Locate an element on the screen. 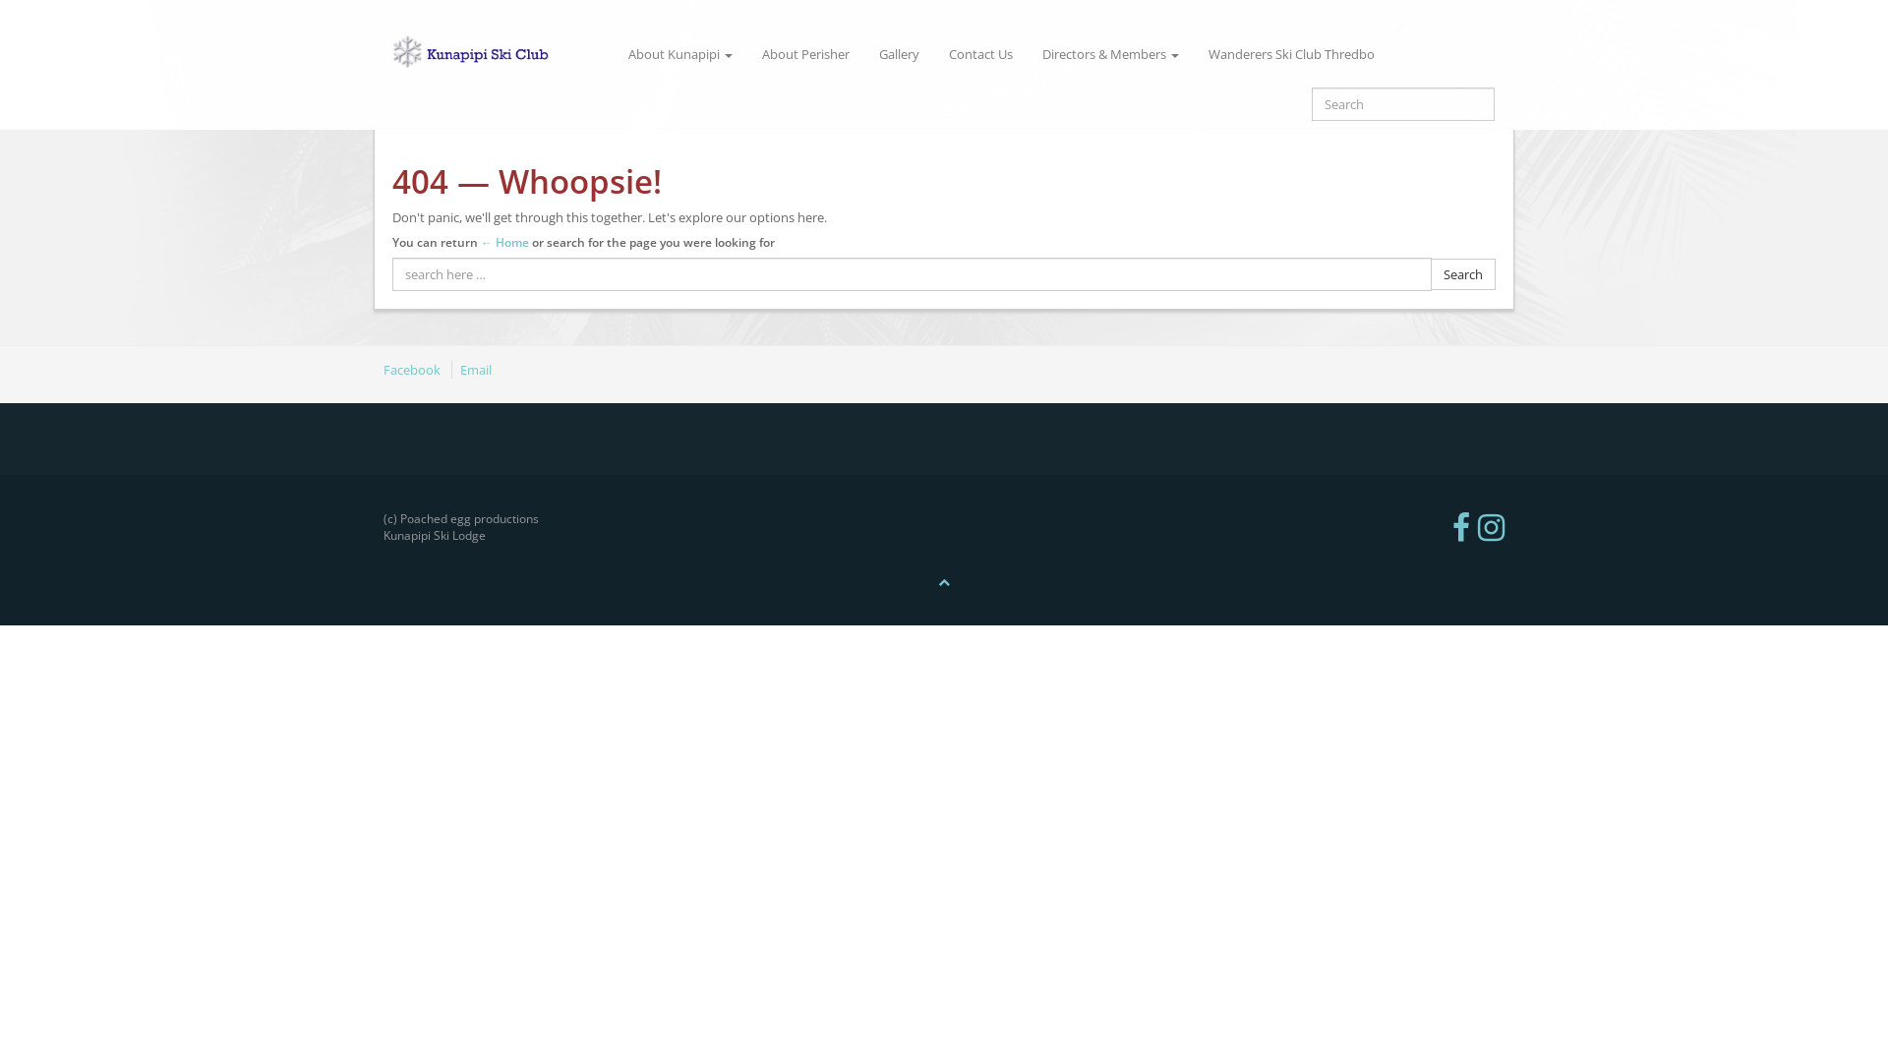 The image size is (1888, 1062). 'Gallery' is located at coordinates (863, 52).